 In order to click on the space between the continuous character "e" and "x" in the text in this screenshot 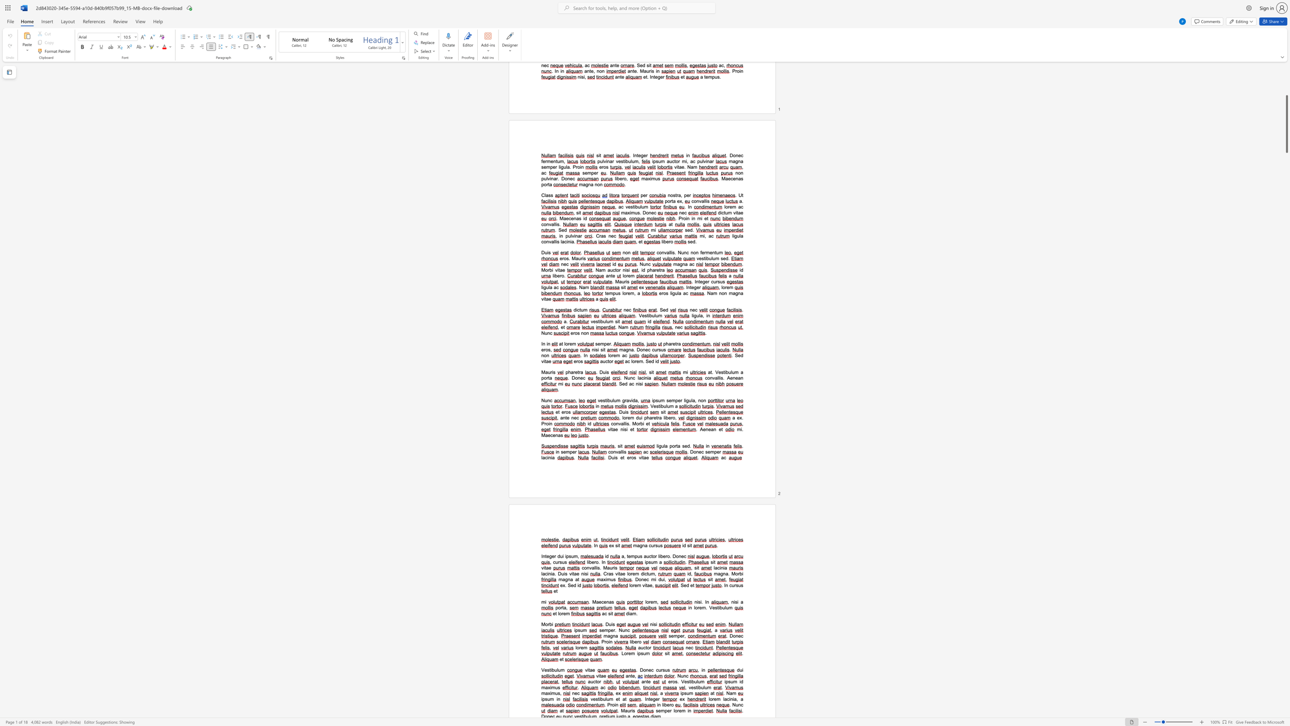, I will do `click(562, 585)`.